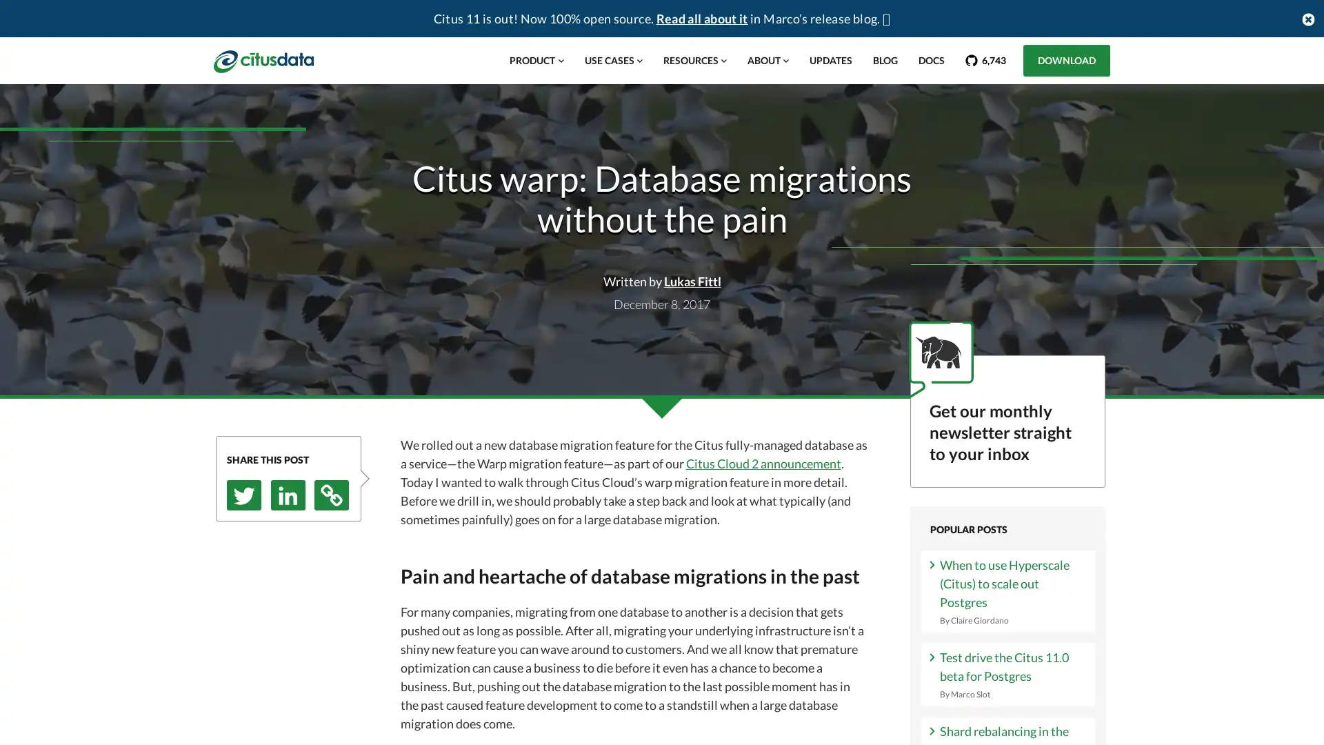  What do you see at coordinates (287, 494) in the screenshot?
I see `Share on LinkedIn` at bounding box center [287, 494].